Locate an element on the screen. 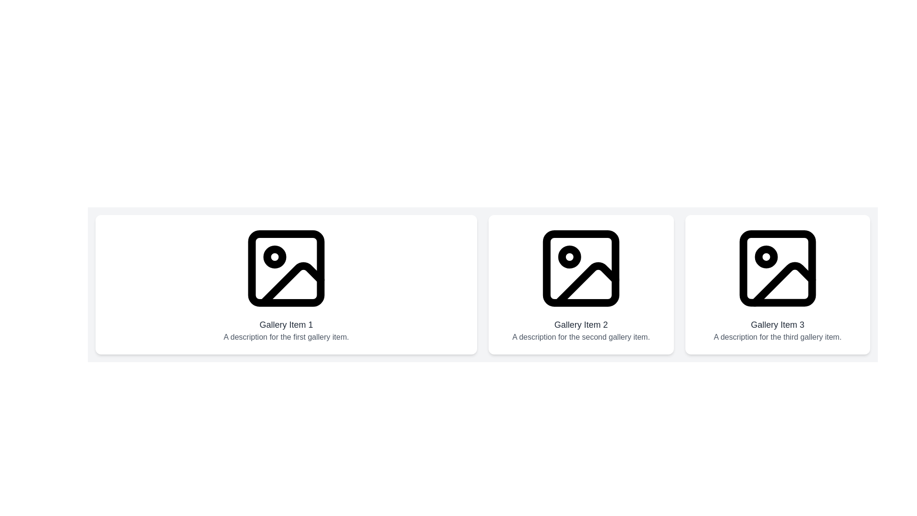 The image size is (917, 516). the gallery card that displays a visual representation, a title, and a brief description, located as the third item in a row of three elements is located at coordinates (778, 284).